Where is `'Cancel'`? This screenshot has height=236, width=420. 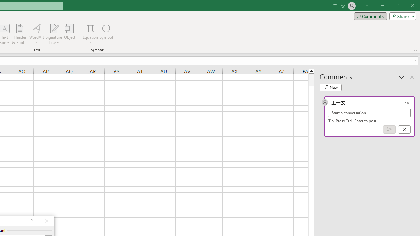
'Cancel' is located at coordinates (404, 129).